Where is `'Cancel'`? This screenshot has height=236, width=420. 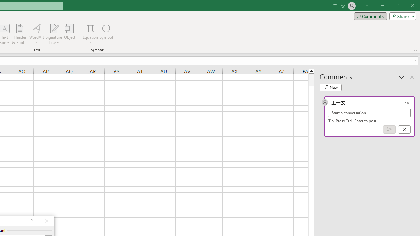
'Cancel' is located at coordinates (404, 129).